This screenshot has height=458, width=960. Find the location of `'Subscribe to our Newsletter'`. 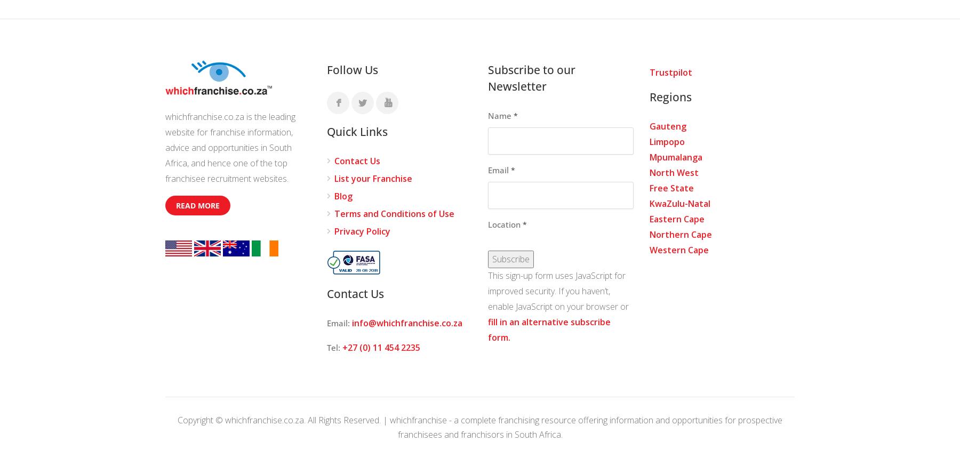

'Subscribe to our Newsletter' is located at coordinates (487, 77).